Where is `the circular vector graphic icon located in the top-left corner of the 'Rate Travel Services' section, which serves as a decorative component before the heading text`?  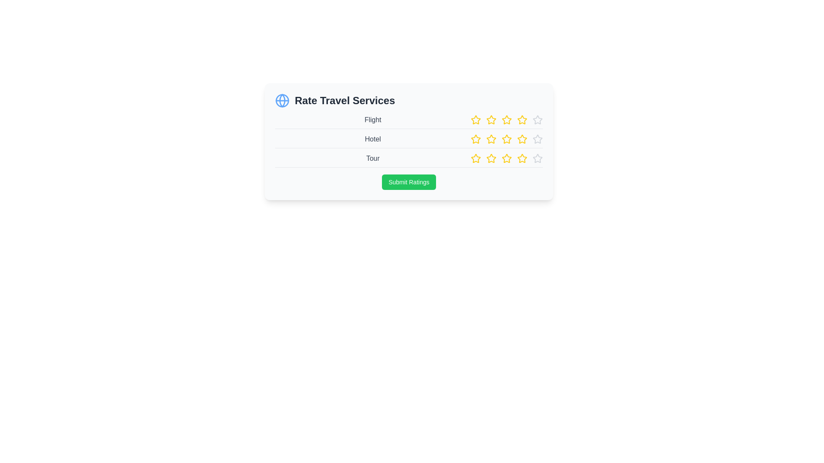
the circular vector graphic icon located in the top-left corner of the 'Rate Travel Services' section, which serves as a decorative component before the heading text is located at coordinates (282, 100).